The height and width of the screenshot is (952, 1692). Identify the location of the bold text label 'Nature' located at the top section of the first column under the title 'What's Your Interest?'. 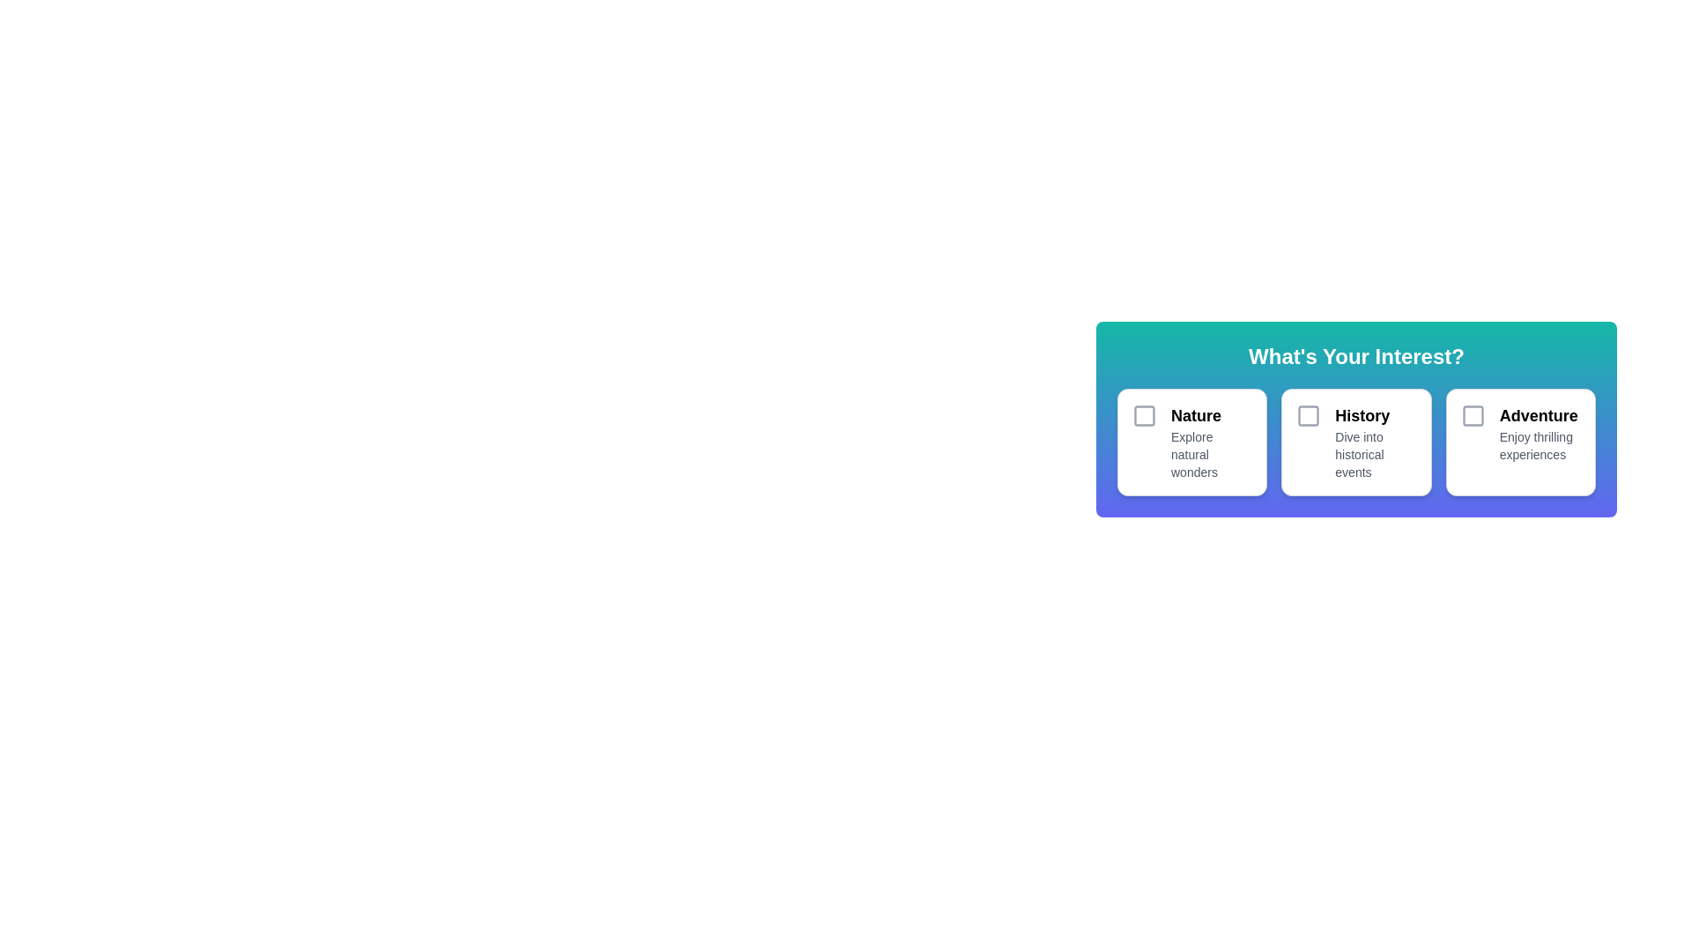
(1211, 415).